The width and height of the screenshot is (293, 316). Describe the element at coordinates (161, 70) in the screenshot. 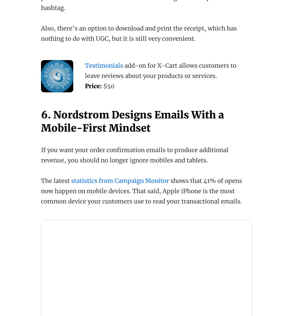

I see `'add-on for X-Cart allows customers to leave reviews about your products or services.'` at that location.